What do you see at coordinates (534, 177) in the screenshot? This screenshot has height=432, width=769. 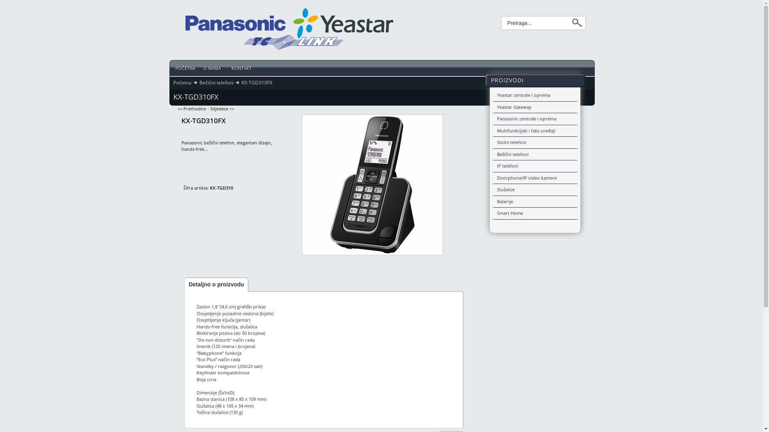 I see `'Doorphone/IP video kamere'` at bounding box center [534, 177].